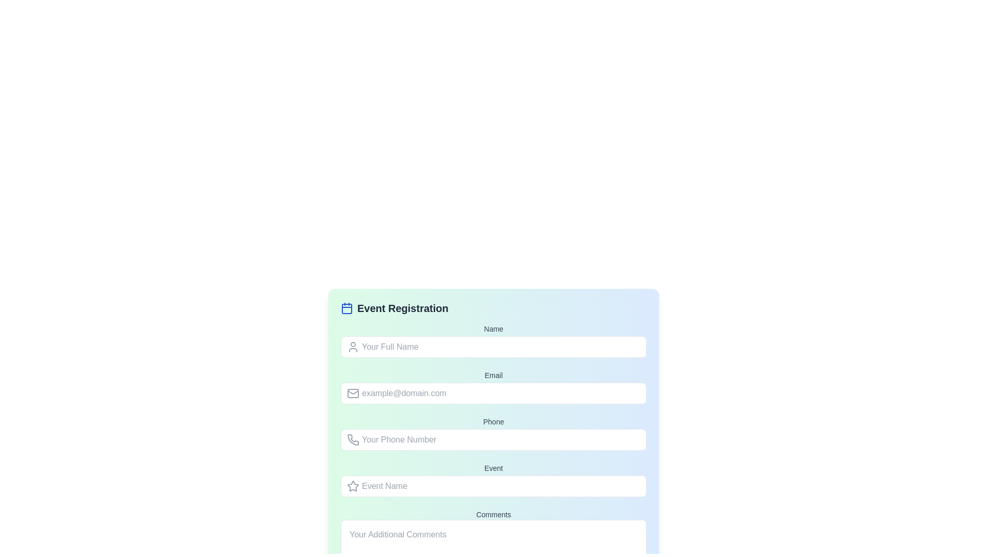  What do you see at coordinates (493, 468) in the screenshot?
I see `the Text label that informs the user about the purpose of the subsequent input field for specifying the name of an event, which is located between the 'Your Phone Number' field and the 'Event Name' input field in the 'Event Registration' form` at bounding box center [493, 468].